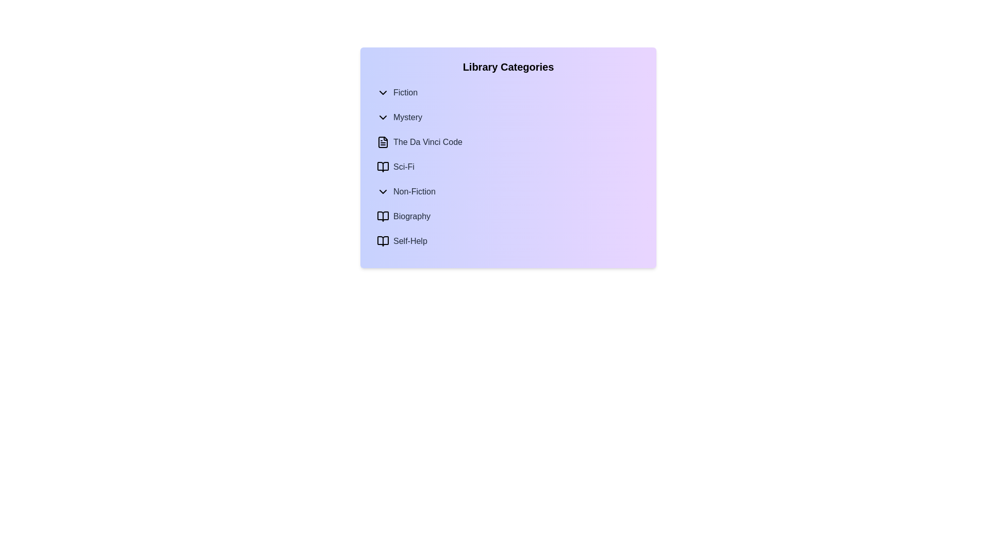 The height and width of the screenshot is (557, 990). I want to click on the selectable list item for the genre 'Sci-Fi' located under 'The Da Vinci Code' entry, so click(508, 167).